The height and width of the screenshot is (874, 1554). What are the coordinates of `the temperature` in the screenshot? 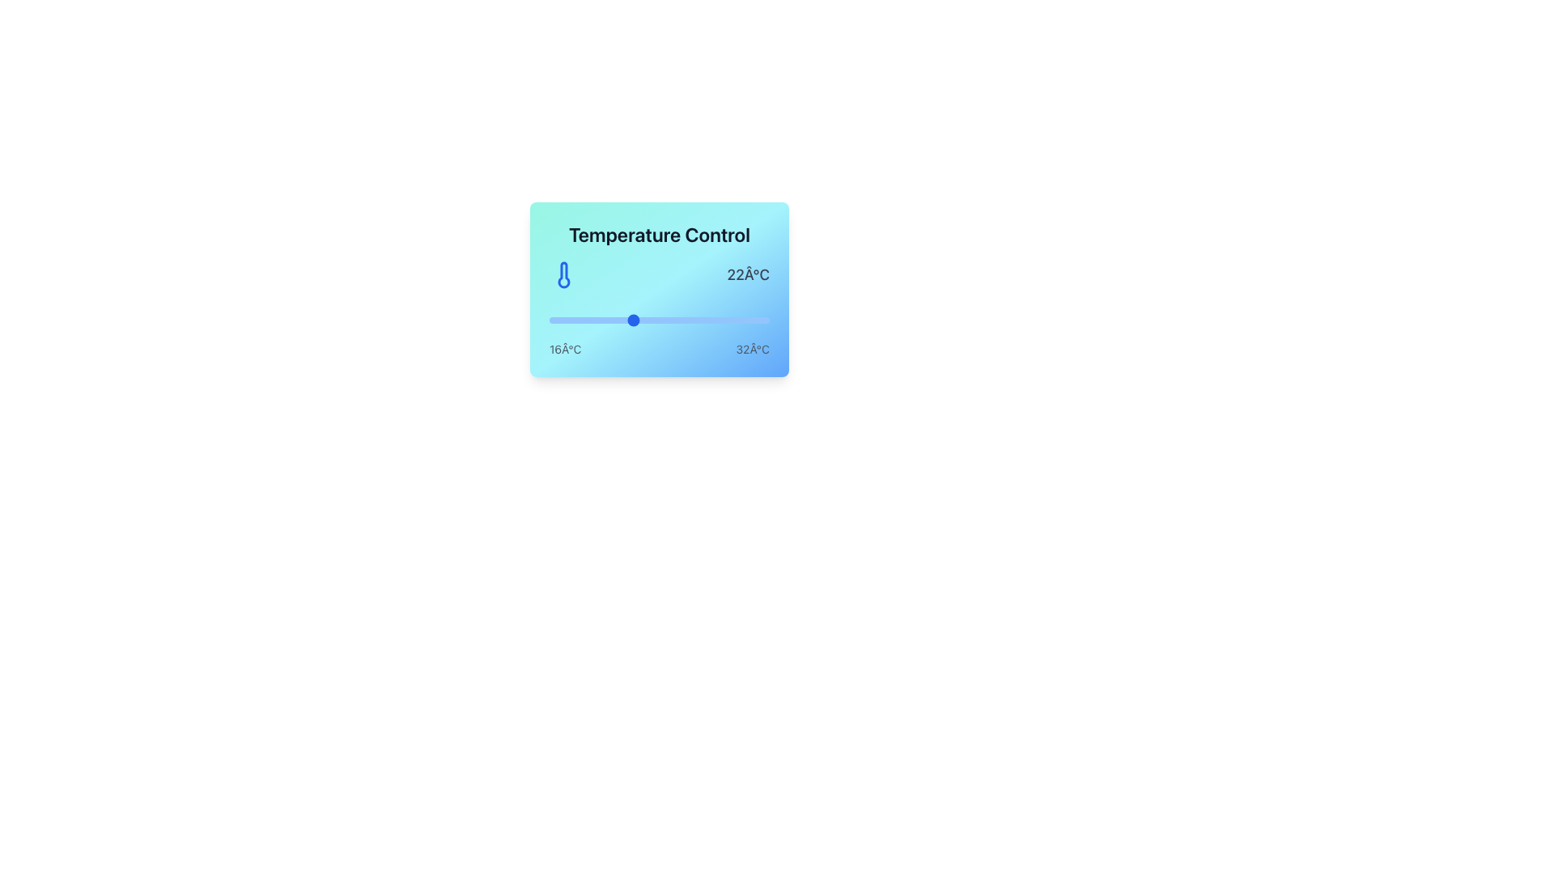 It's located at (714, 320).